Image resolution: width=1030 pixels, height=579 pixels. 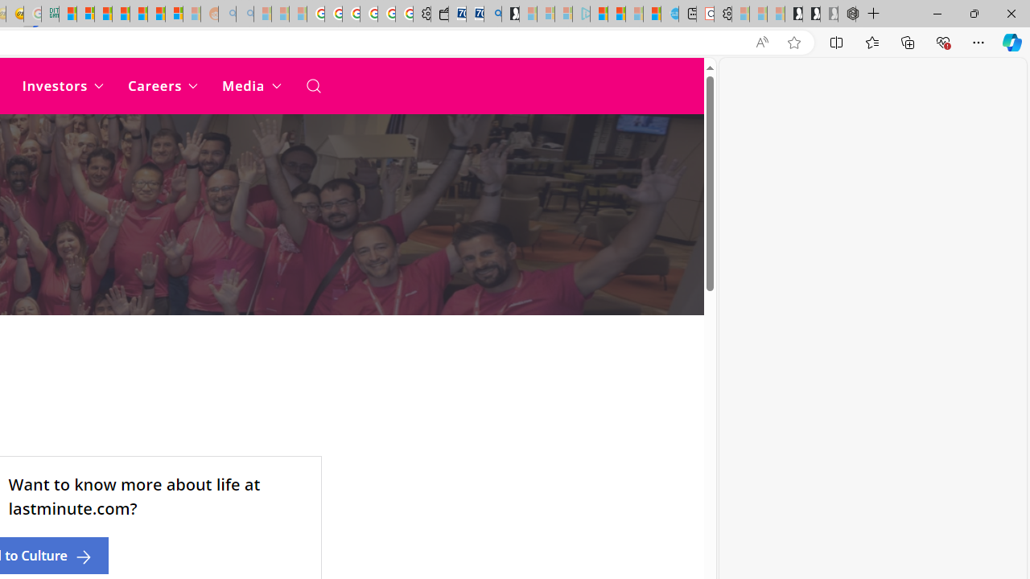 I want to click on 'Collections', so click(x=908, y=41).